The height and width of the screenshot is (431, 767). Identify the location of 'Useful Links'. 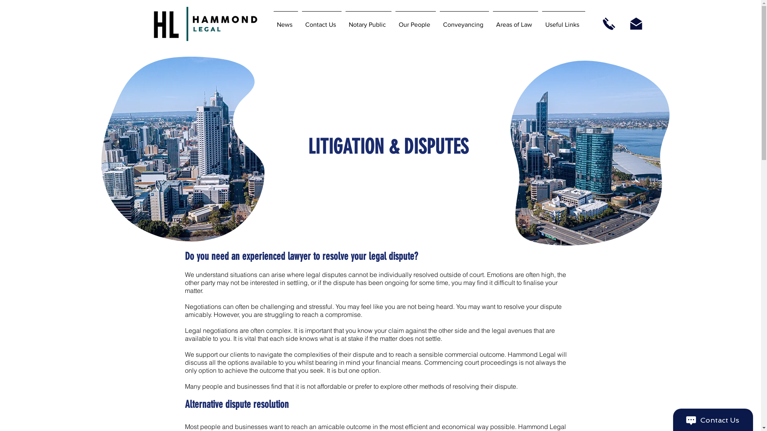
(563, 21).